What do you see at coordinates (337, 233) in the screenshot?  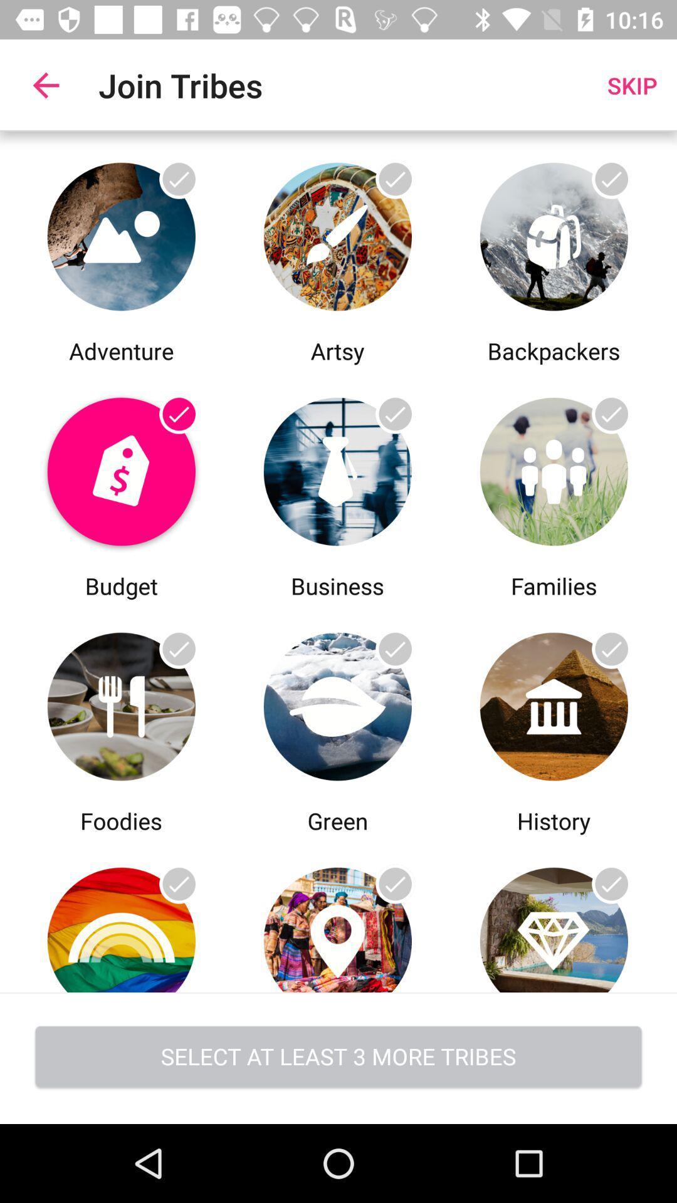 I see `click the painting tool` at bounding box center [337, 233].